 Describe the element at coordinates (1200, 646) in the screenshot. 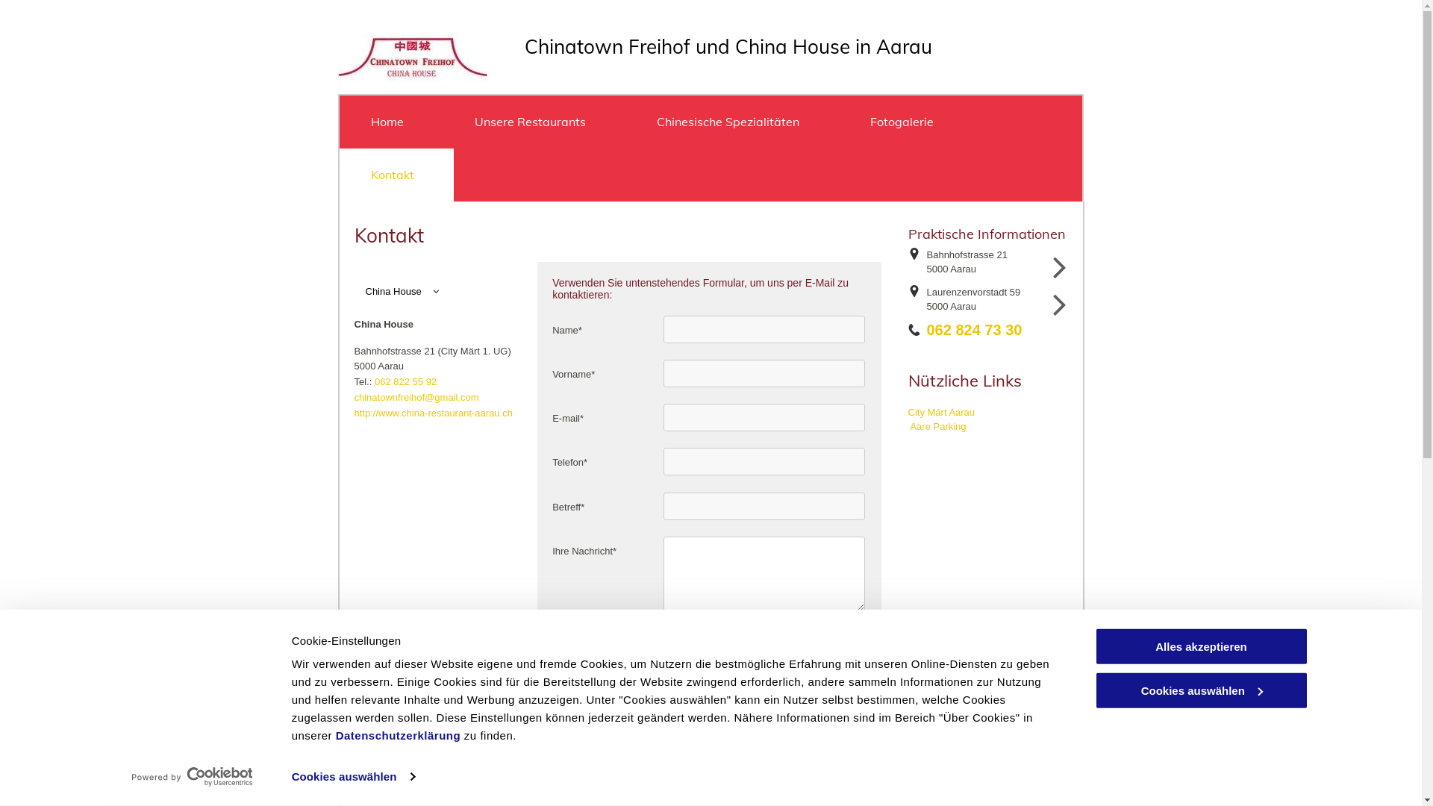

I see `'Alles akzeptieren'` at that location.